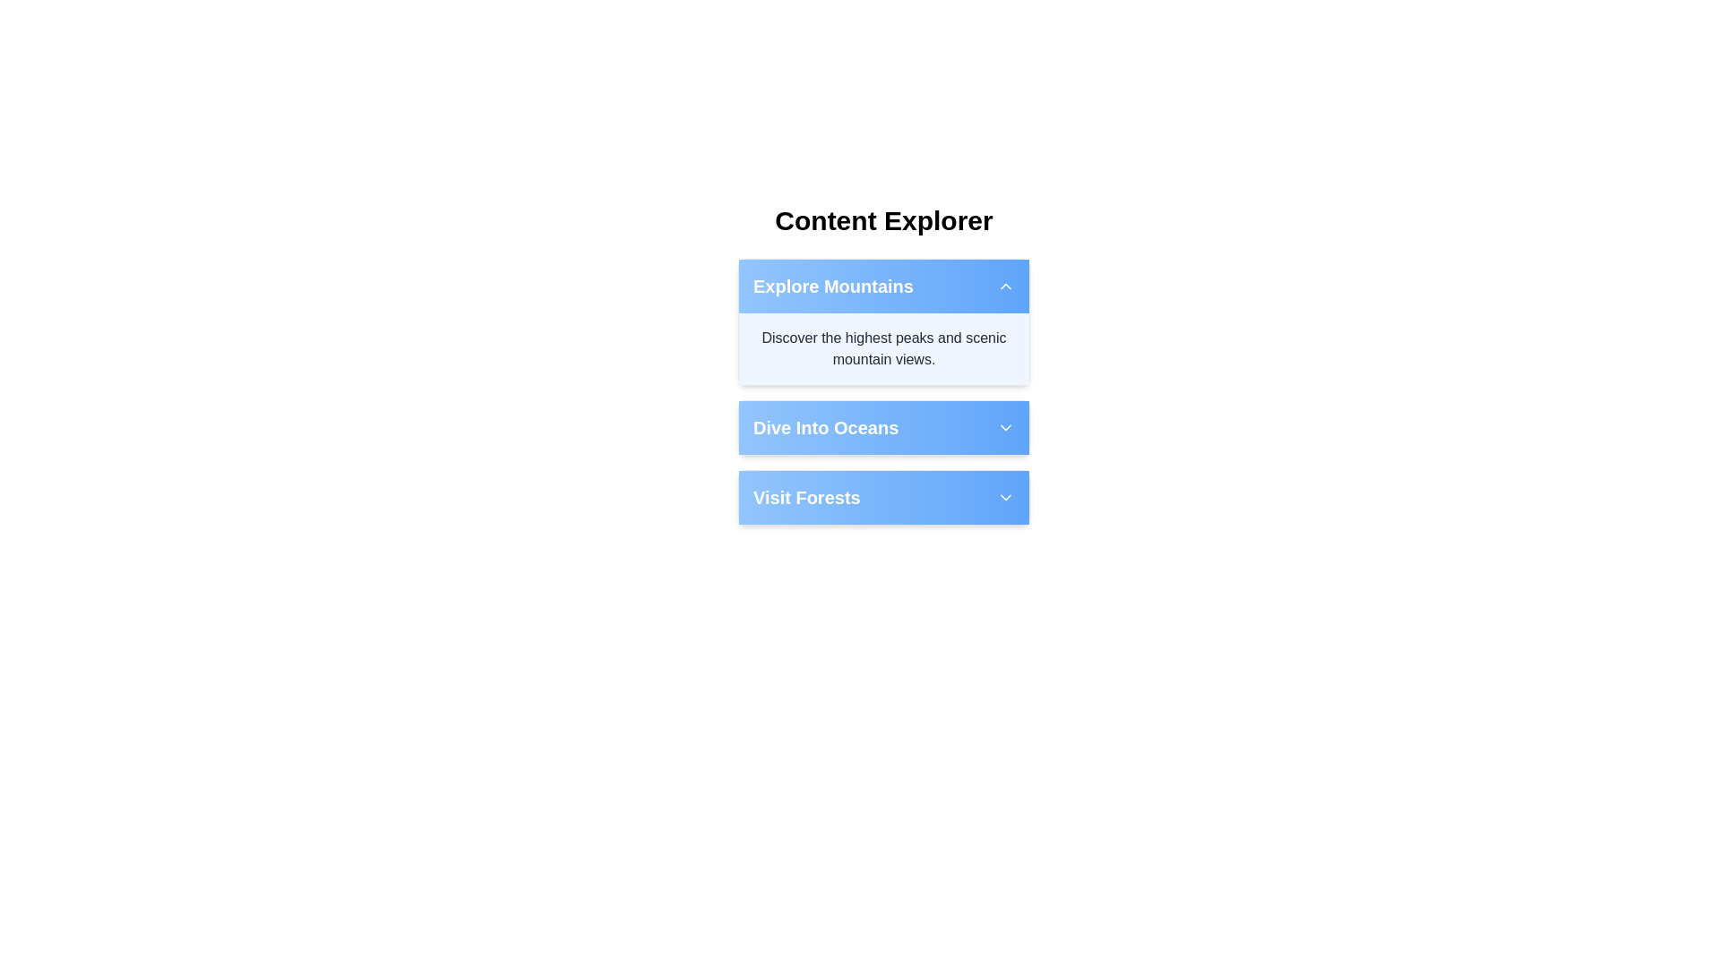 Image resolution: width=1720 pixels, height=967 pixels. Describe the element at coordinates (884, 348) in the screenshot. I see `the informational text block that describes the 'Explore Mountains' section, which is centrally located within a blue section` at that location.